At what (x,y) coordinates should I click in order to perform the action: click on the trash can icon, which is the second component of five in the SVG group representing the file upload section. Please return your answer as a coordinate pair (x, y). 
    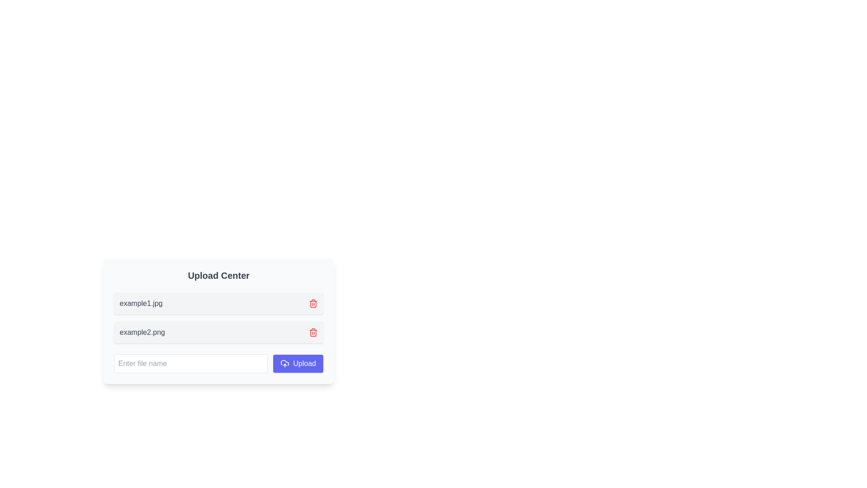
    Looking at the image, I should click on (313, 304).